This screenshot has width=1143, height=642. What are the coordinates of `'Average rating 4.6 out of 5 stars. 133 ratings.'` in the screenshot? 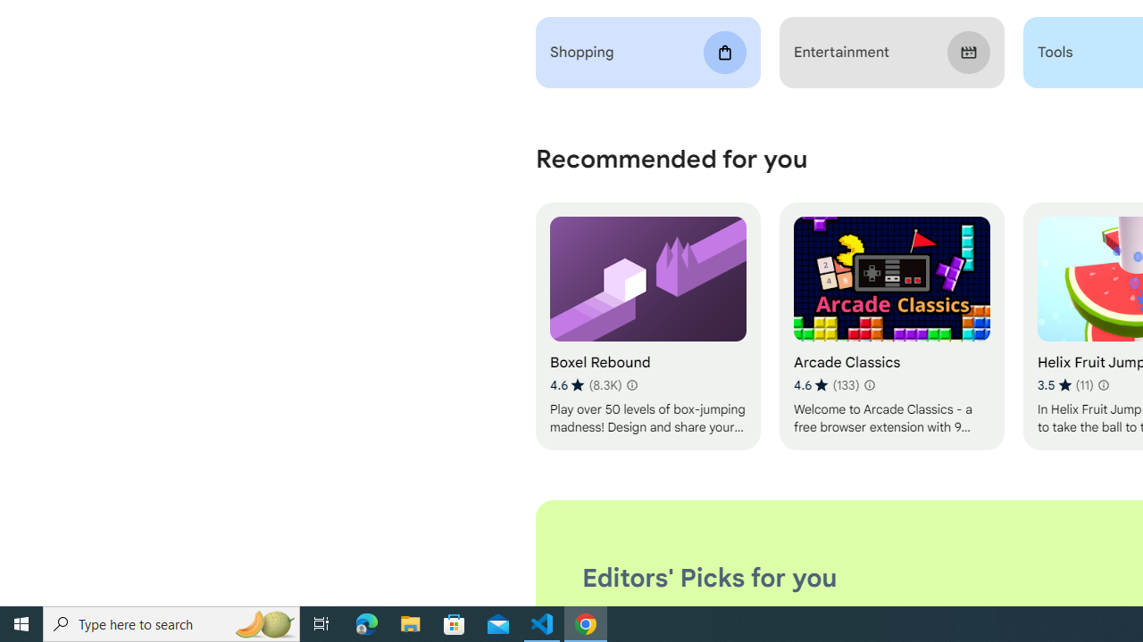 It's located at (825, 384).